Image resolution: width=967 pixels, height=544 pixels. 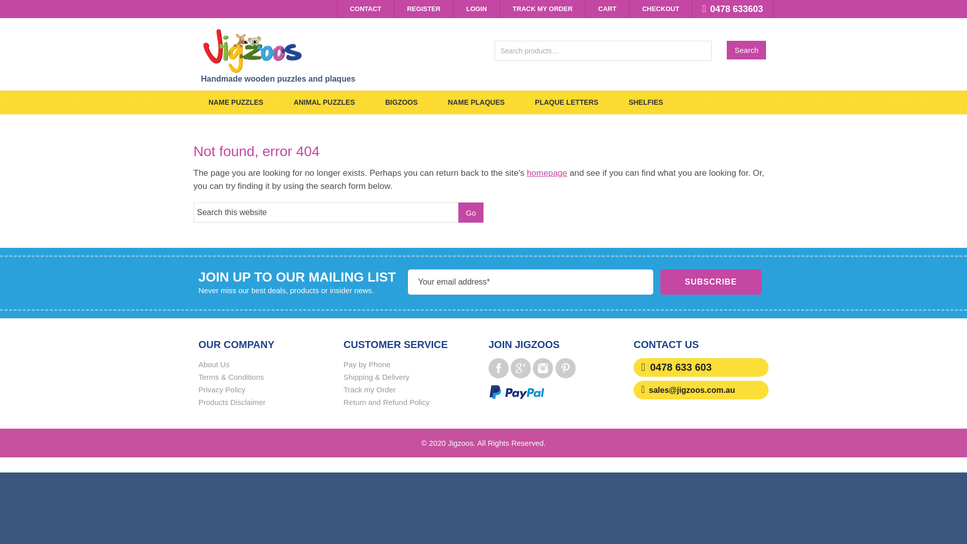 What do you see at coordinates (453, 9) in the screenshot?
I see `'LOGIN'` at bounding box center [453, 9].